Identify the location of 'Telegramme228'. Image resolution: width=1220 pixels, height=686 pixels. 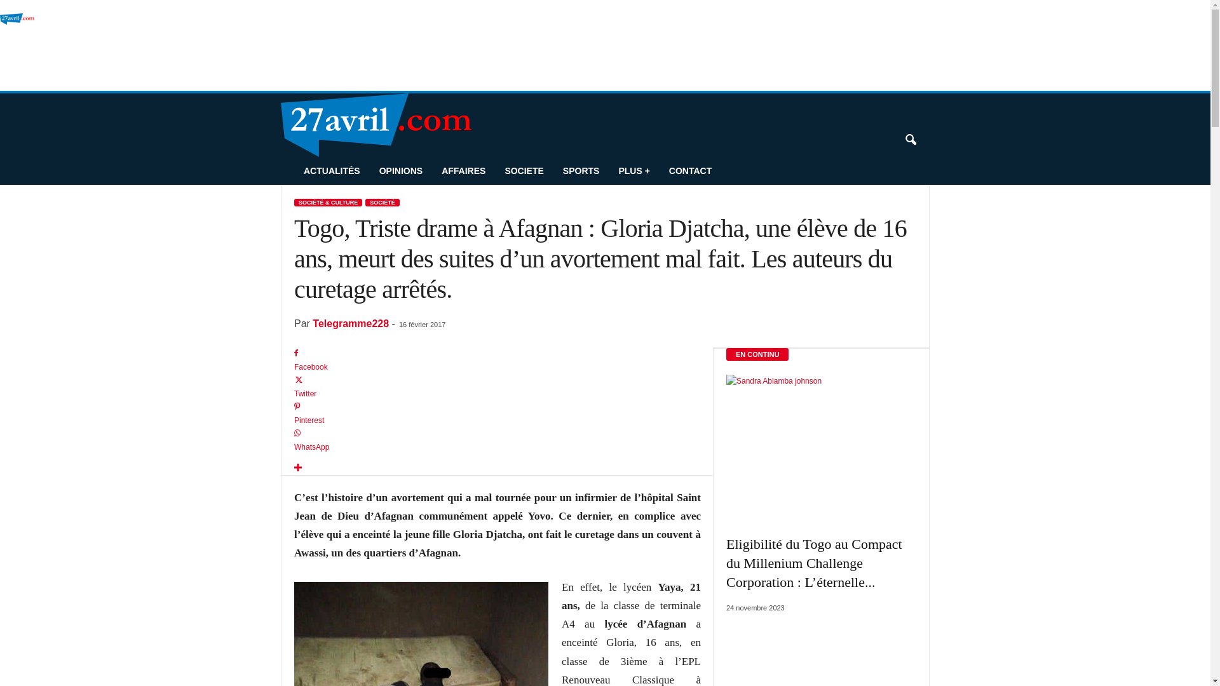
(312, 323).